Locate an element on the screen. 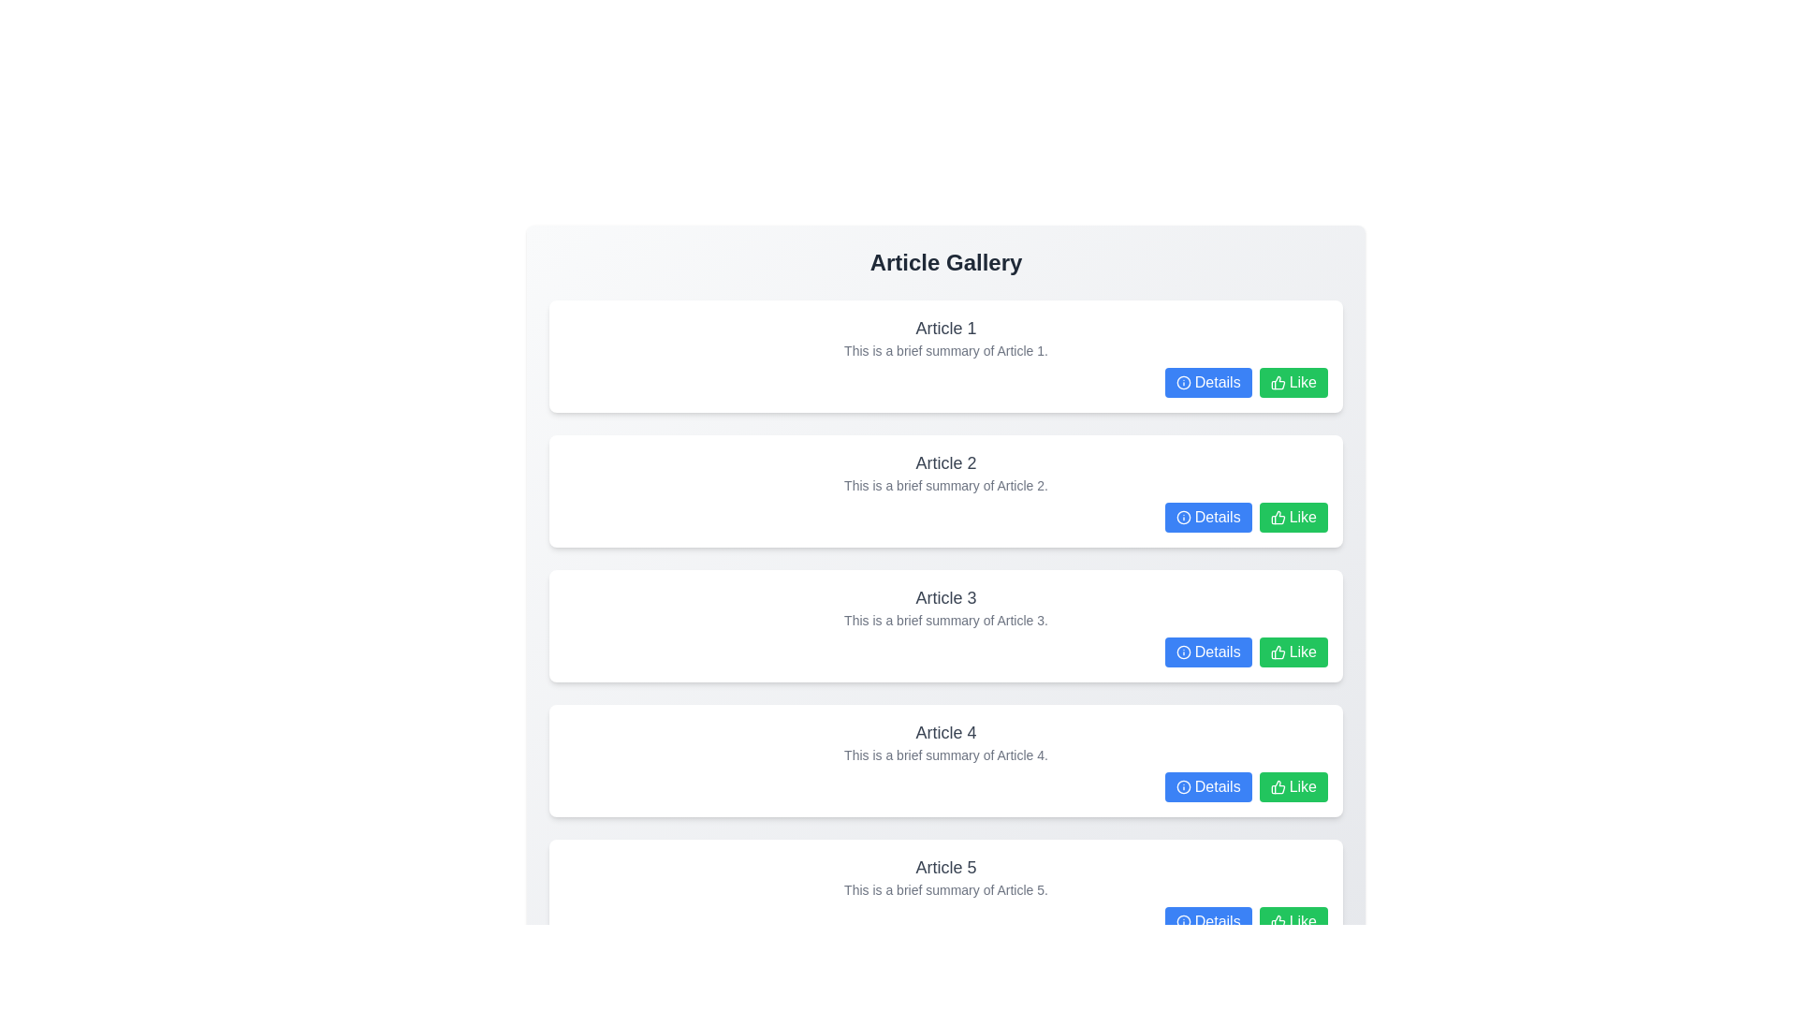  the 'Like' button icon, which is a white thumbs-up icon on a green background, located in the last column of the layout under the articles is located at coordinates (1277, 381).